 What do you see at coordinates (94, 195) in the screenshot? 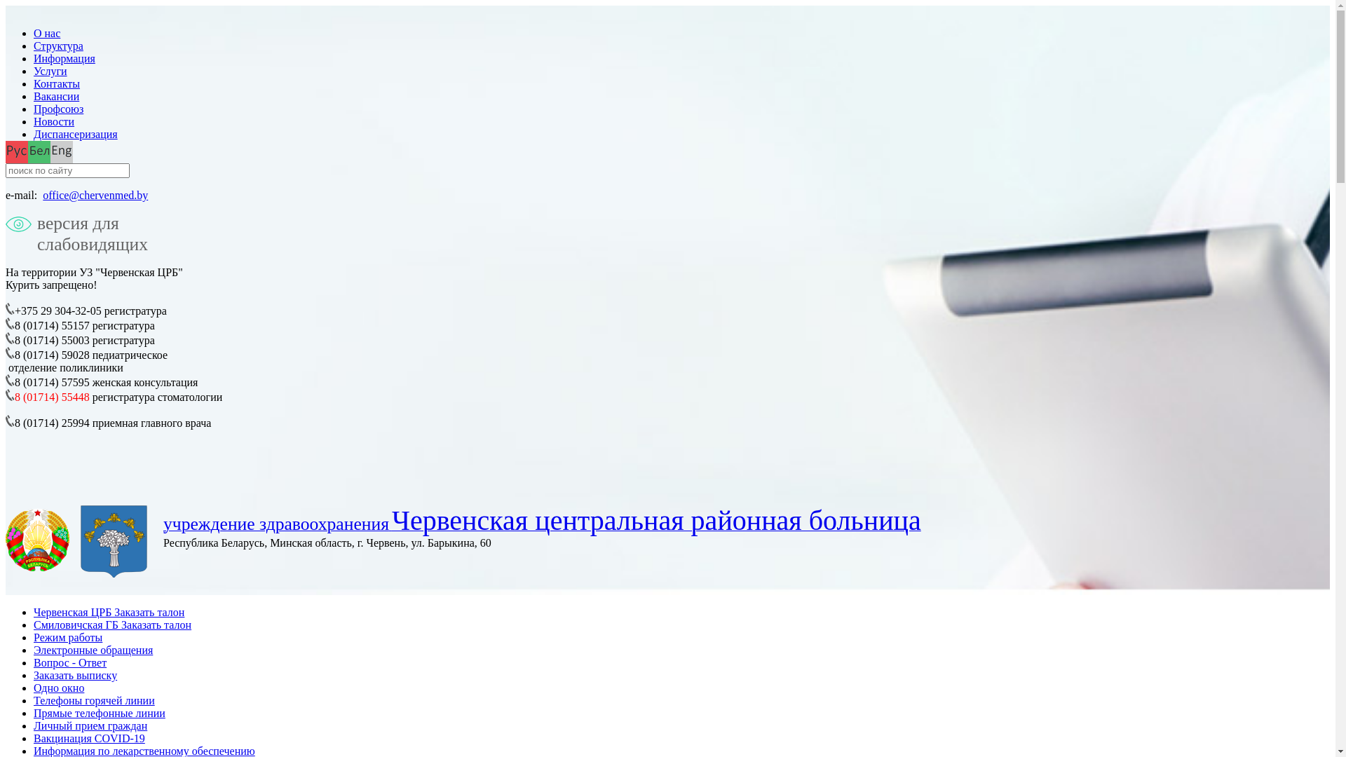
I see `'office@chervenmed.by'` at bounding box center [94, 195].